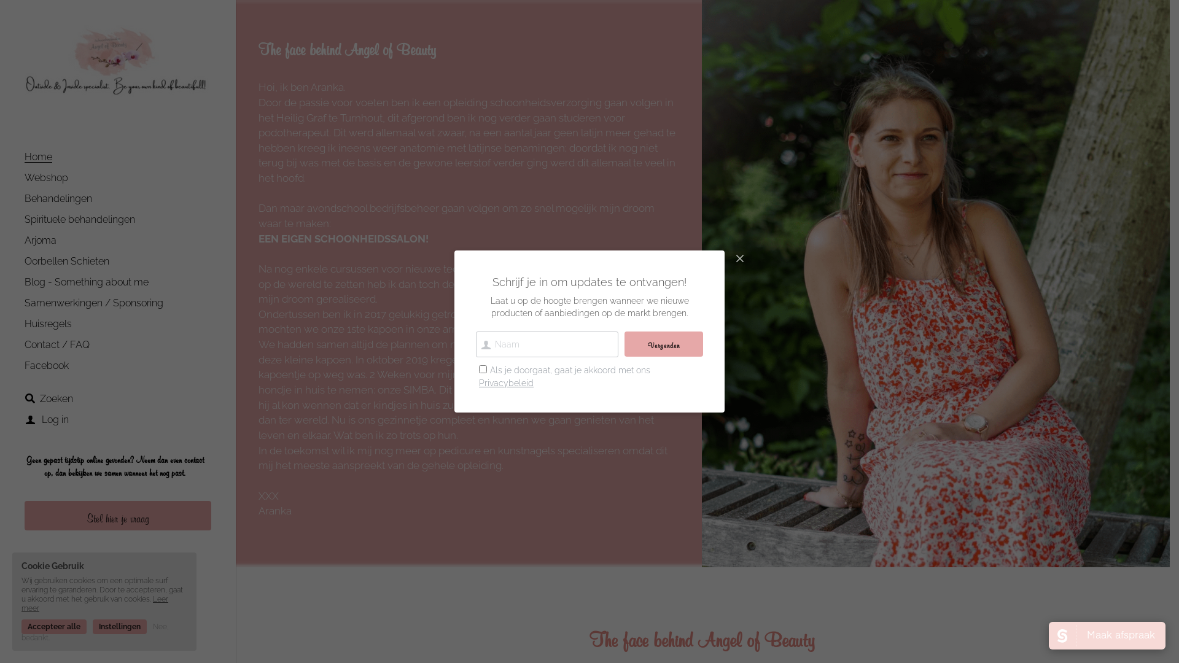 Image resolution: width=1179 pixels, height=663 pixels. Describe the element at coordinates (118, 516) in the screenshot. I see `'Stel hier je vraag'` at that location.